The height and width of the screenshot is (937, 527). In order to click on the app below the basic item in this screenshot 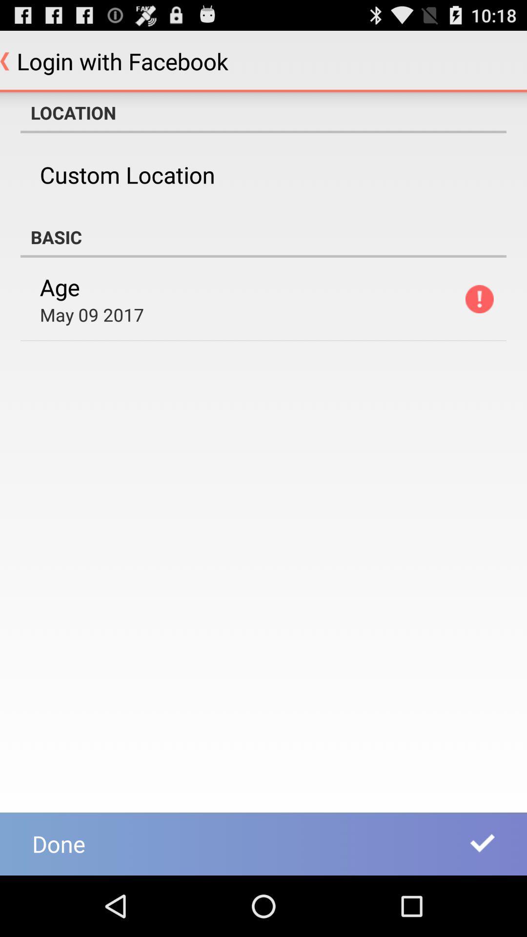, I will do `click(60, 286)`.